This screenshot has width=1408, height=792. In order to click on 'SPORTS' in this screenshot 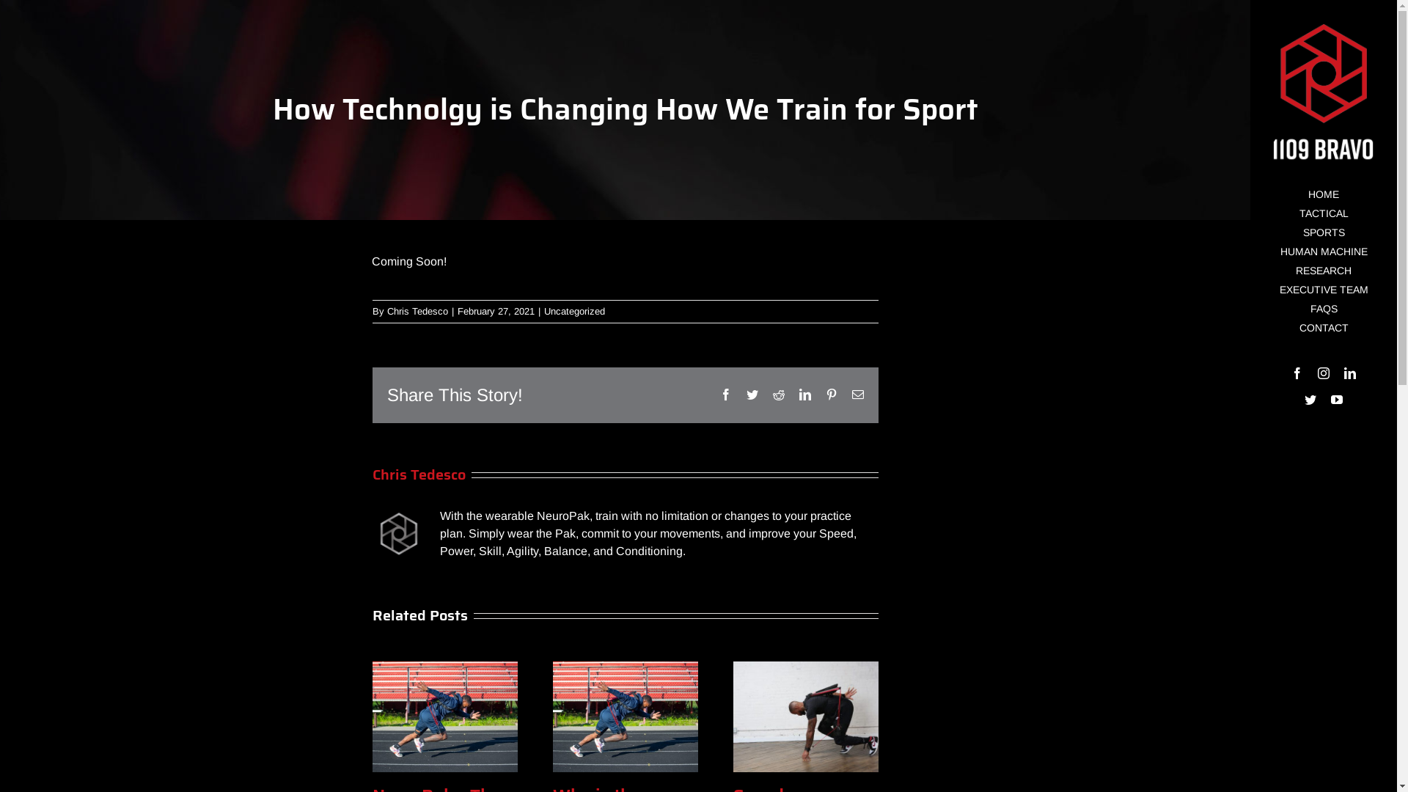, I will do `click(1249, 232)`.